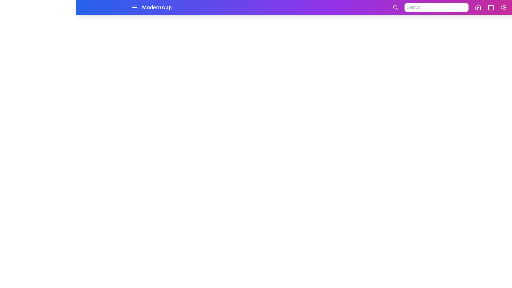  What do you see at coordinates (491, 7) in the screenshot?
I see `the icon button located in the top-right corner of the navigation bar, which is the fourth interactive icon from the right` at bounding box center [491, 7].